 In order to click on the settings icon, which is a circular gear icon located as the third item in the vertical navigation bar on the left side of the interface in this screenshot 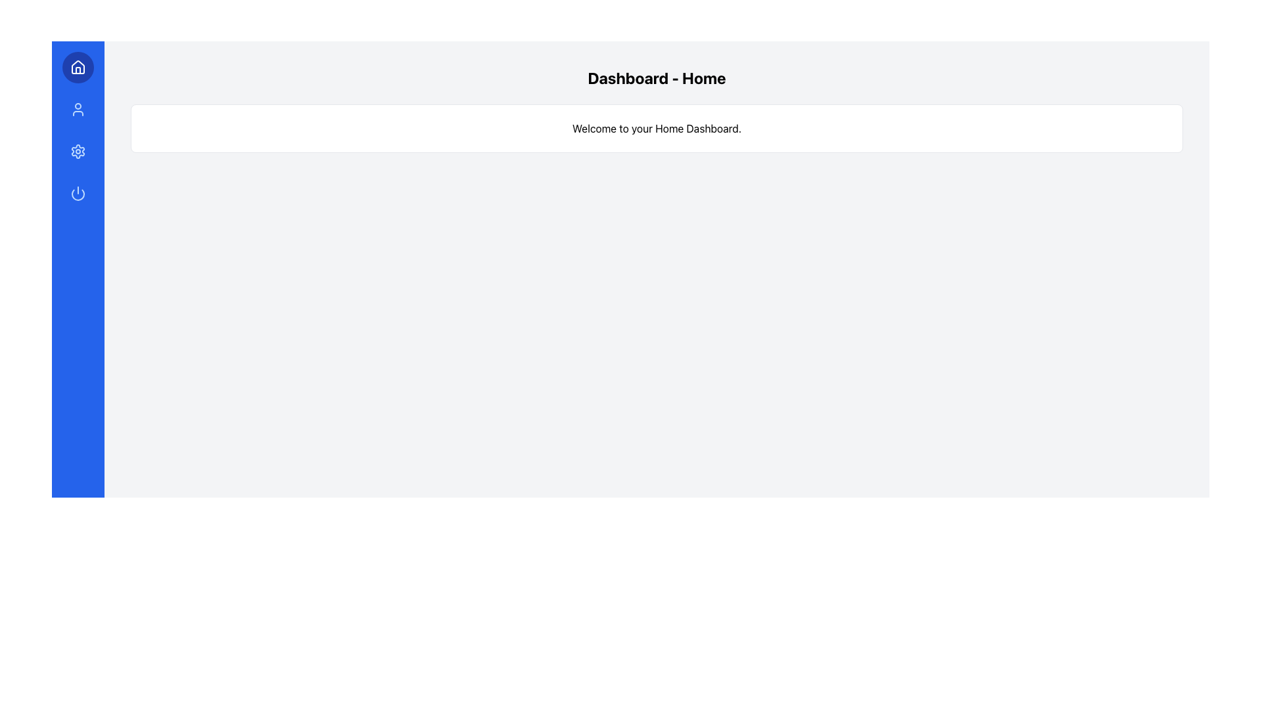, I will do `click(78, 151)`.